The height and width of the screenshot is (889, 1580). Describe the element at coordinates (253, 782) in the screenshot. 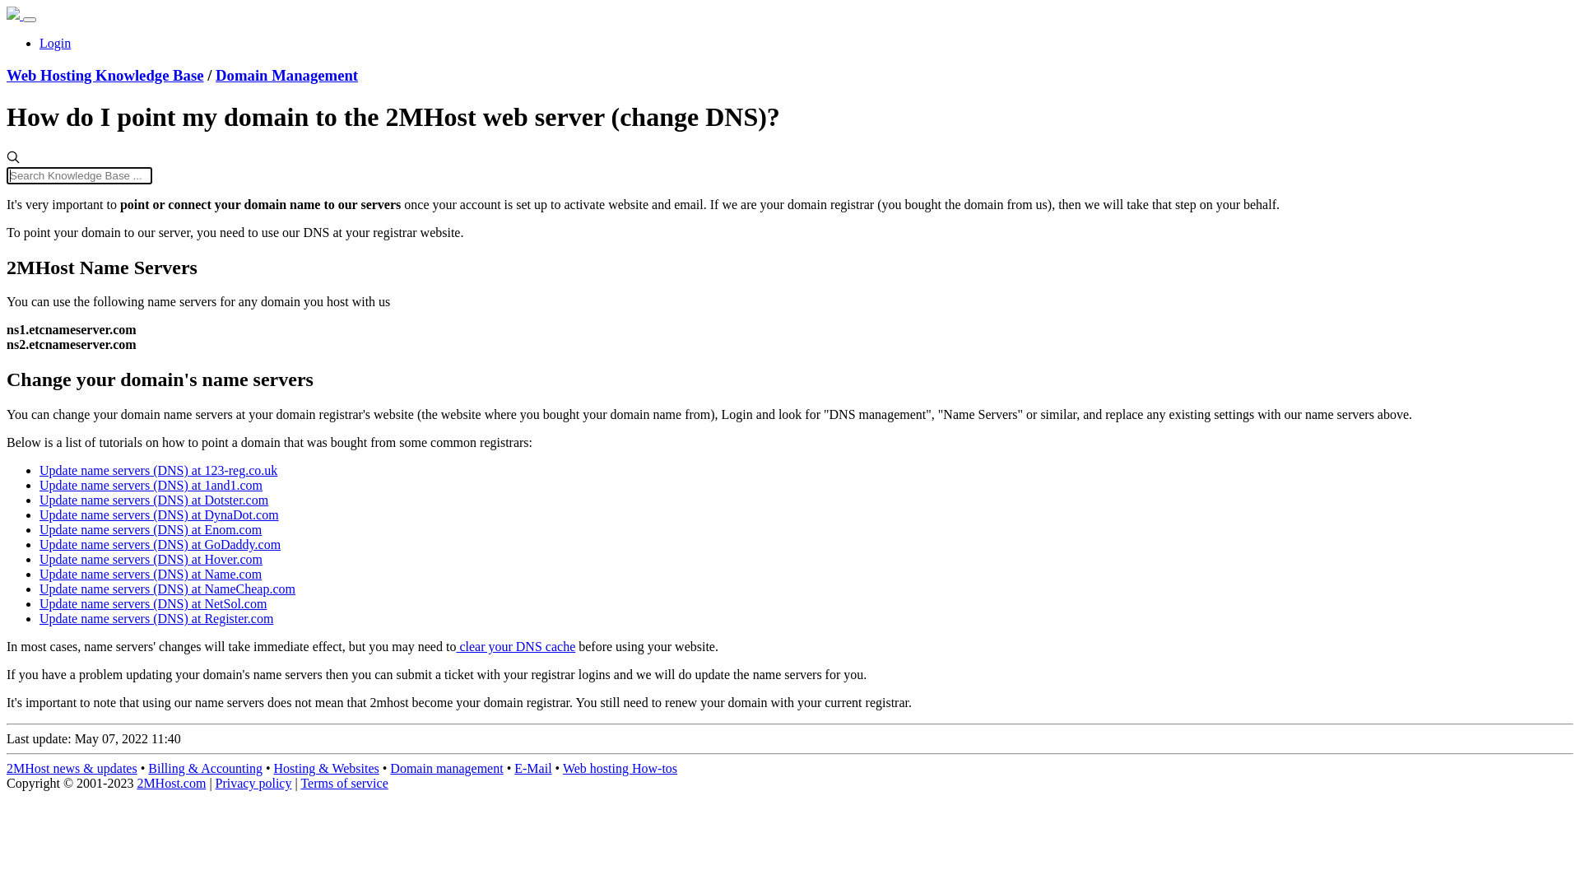

I see `'Privacy policy'` at that location.